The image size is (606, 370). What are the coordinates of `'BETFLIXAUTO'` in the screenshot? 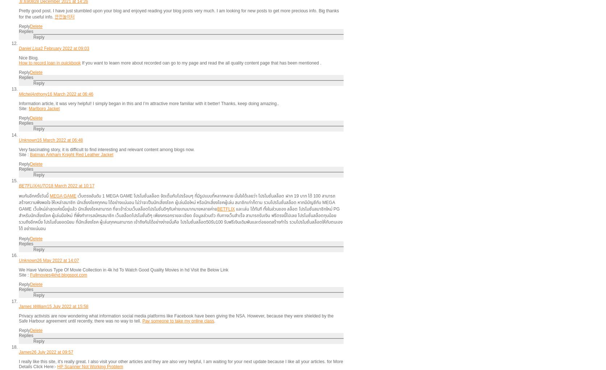 It's located at (33, 186).